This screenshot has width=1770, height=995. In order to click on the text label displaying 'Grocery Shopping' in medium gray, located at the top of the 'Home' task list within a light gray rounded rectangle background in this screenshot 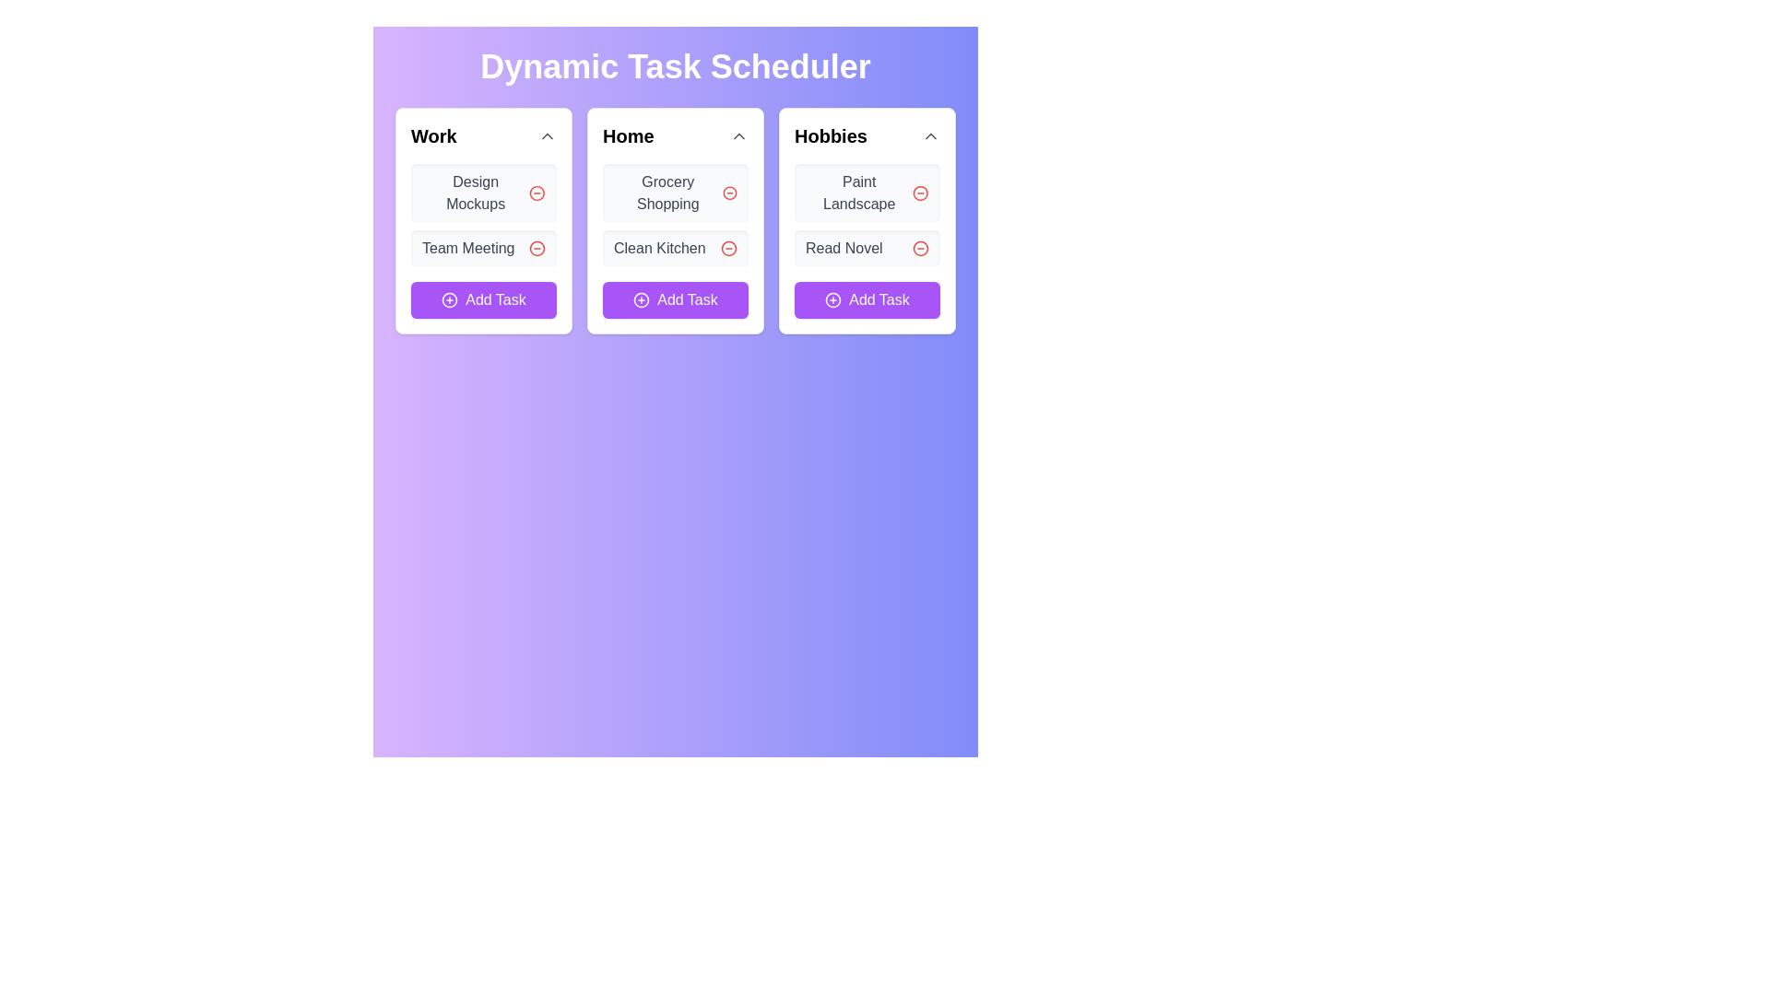, I will do `click(667, 193)`.